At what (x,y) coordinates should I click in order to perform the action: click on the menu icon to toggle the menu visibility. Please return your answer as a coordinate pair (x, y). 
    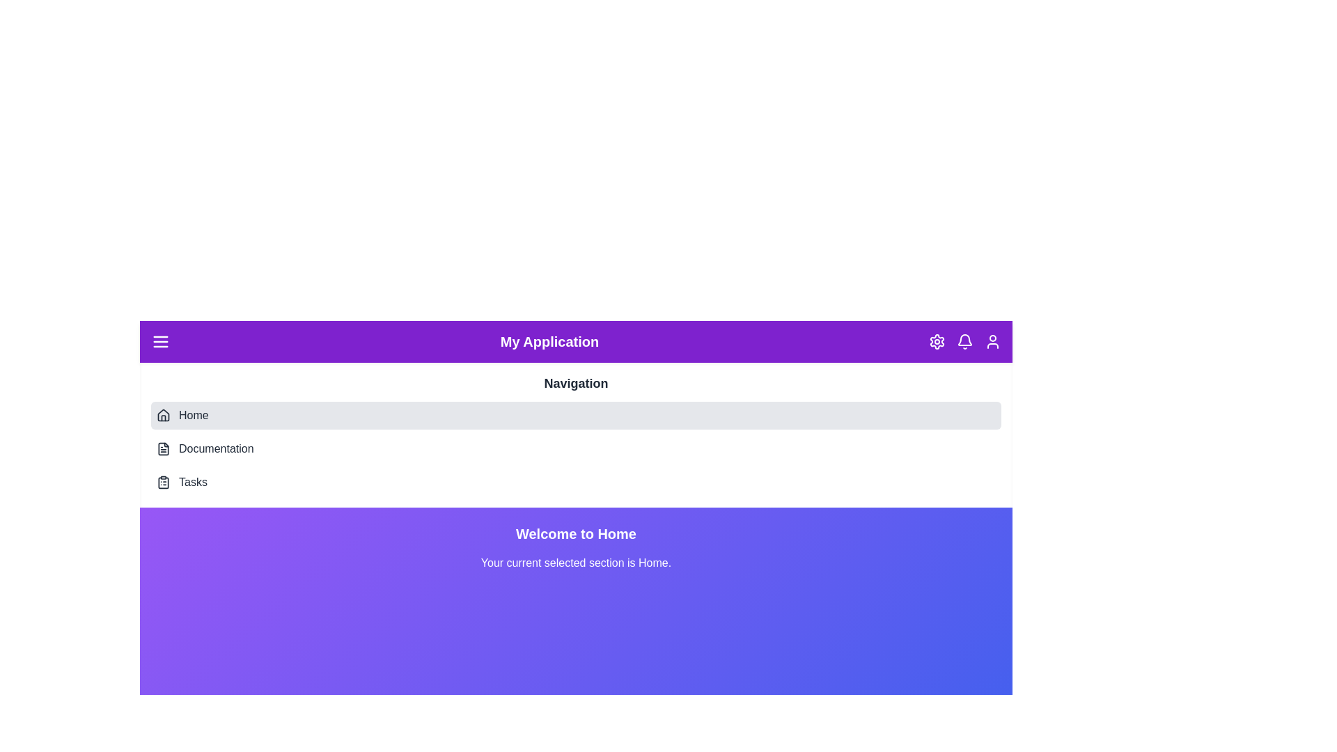
    Looking at the image, I should click on (160, 341).